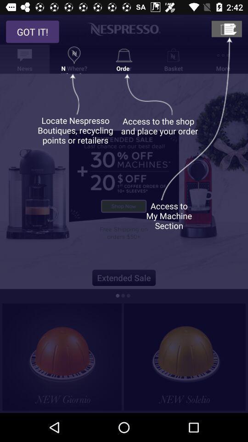  Describe the element at coordinates (226, 29) in the screenshot. I see `my machine` at that location.